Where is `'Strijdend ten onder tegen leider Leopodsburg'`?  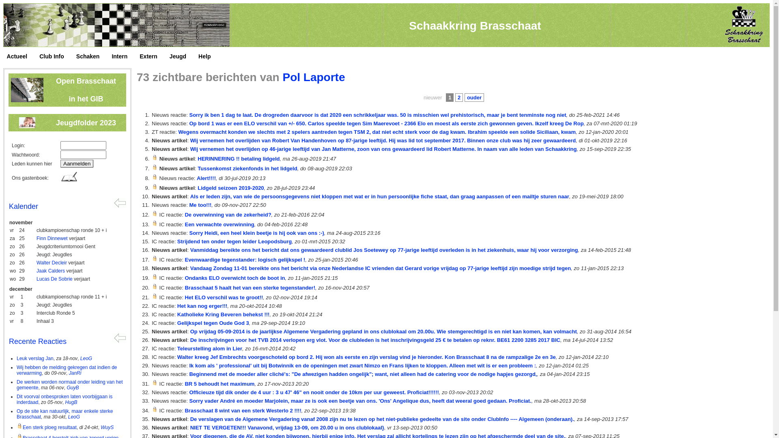 'Strijdend ten onder tegen leider Leopodsburg' is located at coordinates (234, 241).